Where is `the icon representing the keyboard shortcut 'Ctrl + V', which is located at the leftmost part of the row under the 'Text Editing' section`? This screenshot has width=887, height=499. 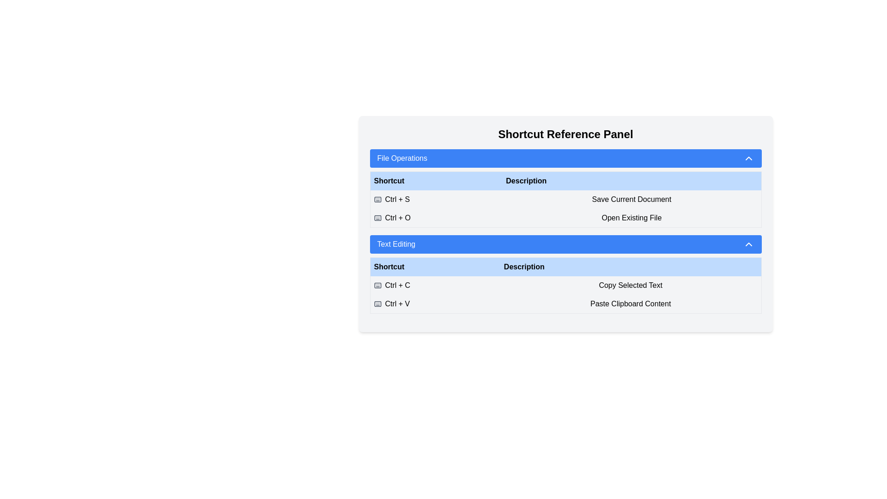 the icon representing the keyboard shortcut 'Ctrl + V', which is located at the leftmost part of the row under the 'Text Editing' section is located at coordinates (377, 304).